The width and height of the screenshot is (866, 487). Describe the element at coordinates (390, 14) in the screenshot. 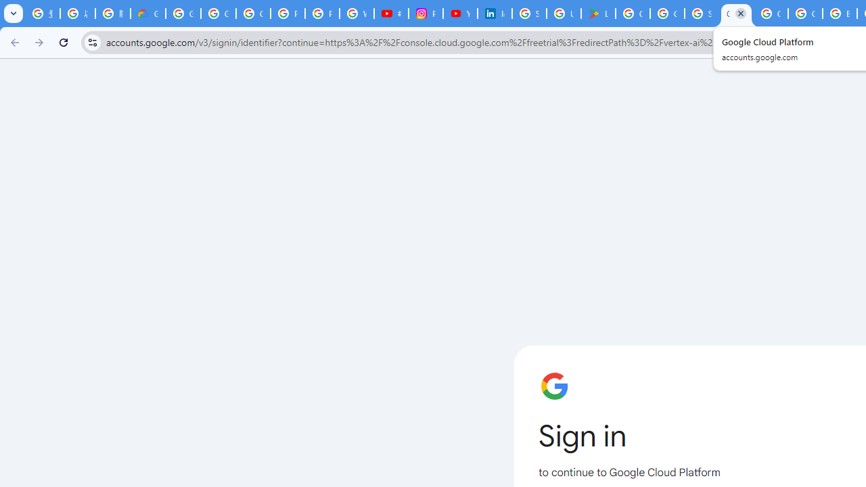

I see `'#nbabasketballhighlights - YouTube'` at that location.